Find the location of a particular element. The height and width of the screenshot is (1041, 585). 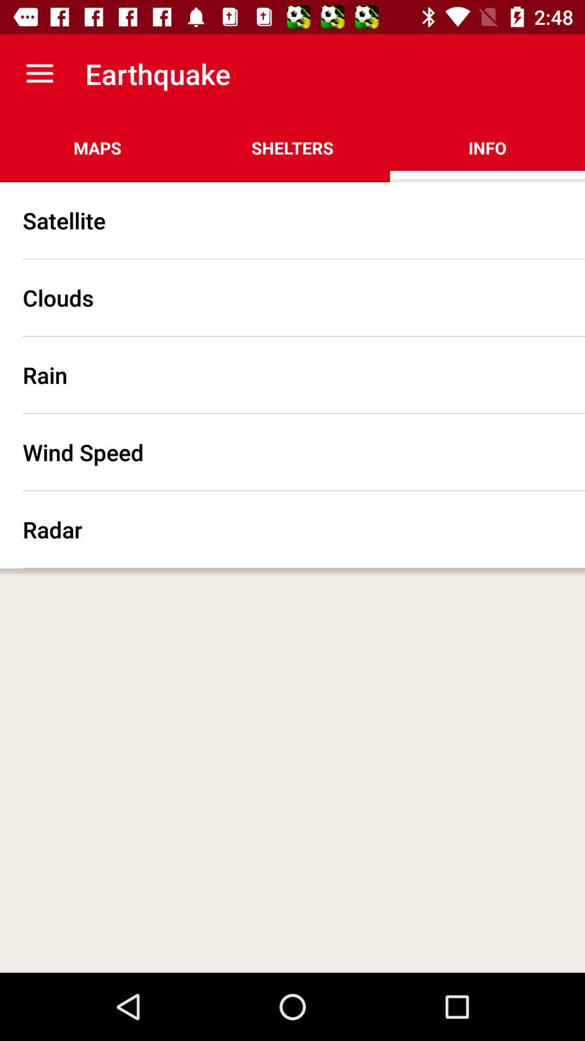

info is located at coordinates (486, 147).